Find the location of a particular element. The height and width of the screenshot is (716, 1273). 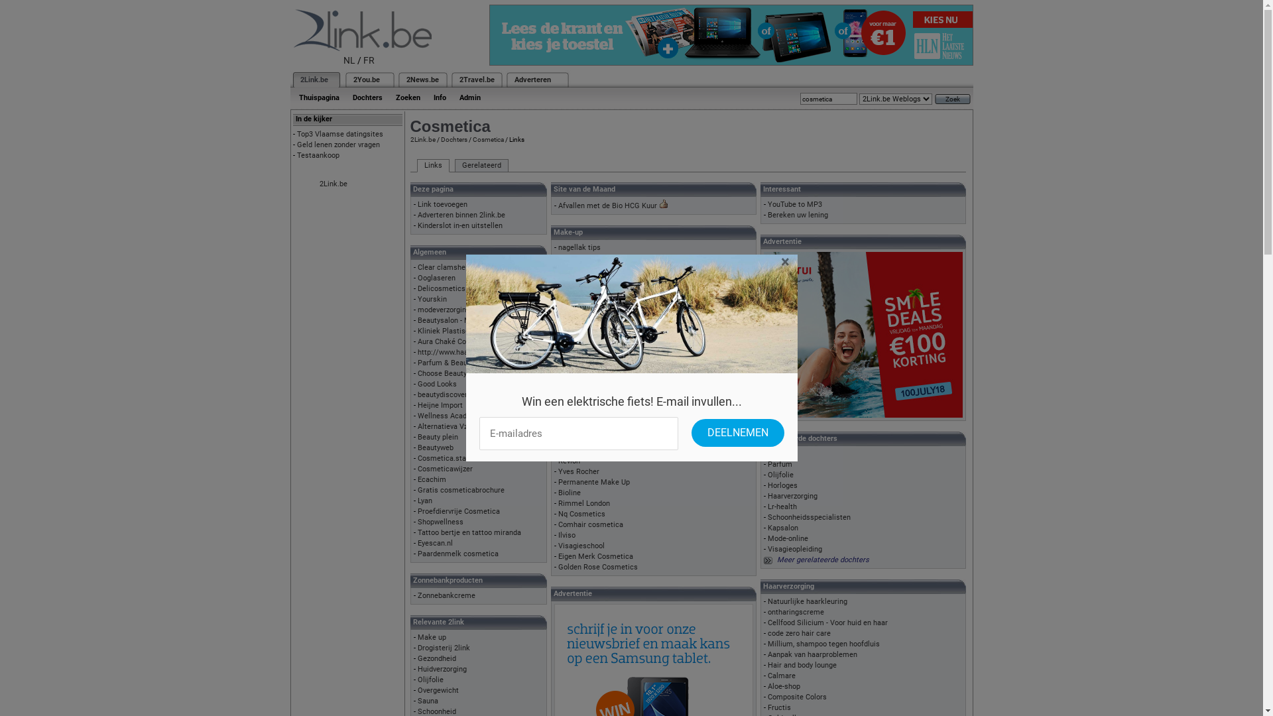

'Visagieschool' is located at coordinates (581, 546).